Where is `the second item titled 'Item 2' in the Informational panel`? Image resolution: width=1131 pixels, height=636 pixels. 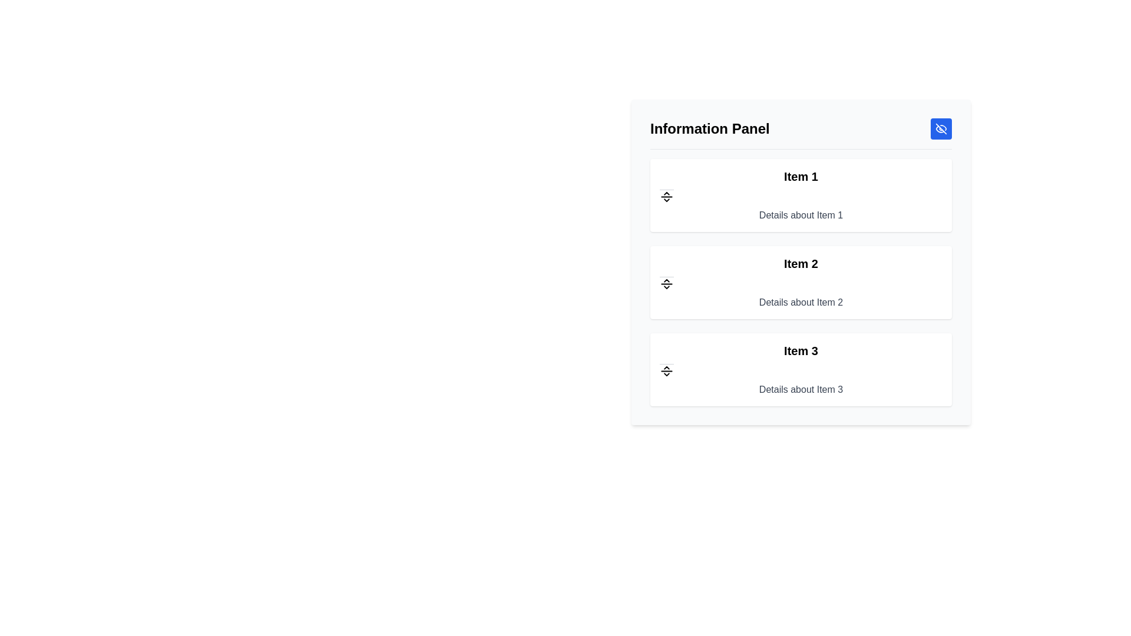
the second item titled 'Item 2' in the Informational panel is located at coordinates (801, 282).